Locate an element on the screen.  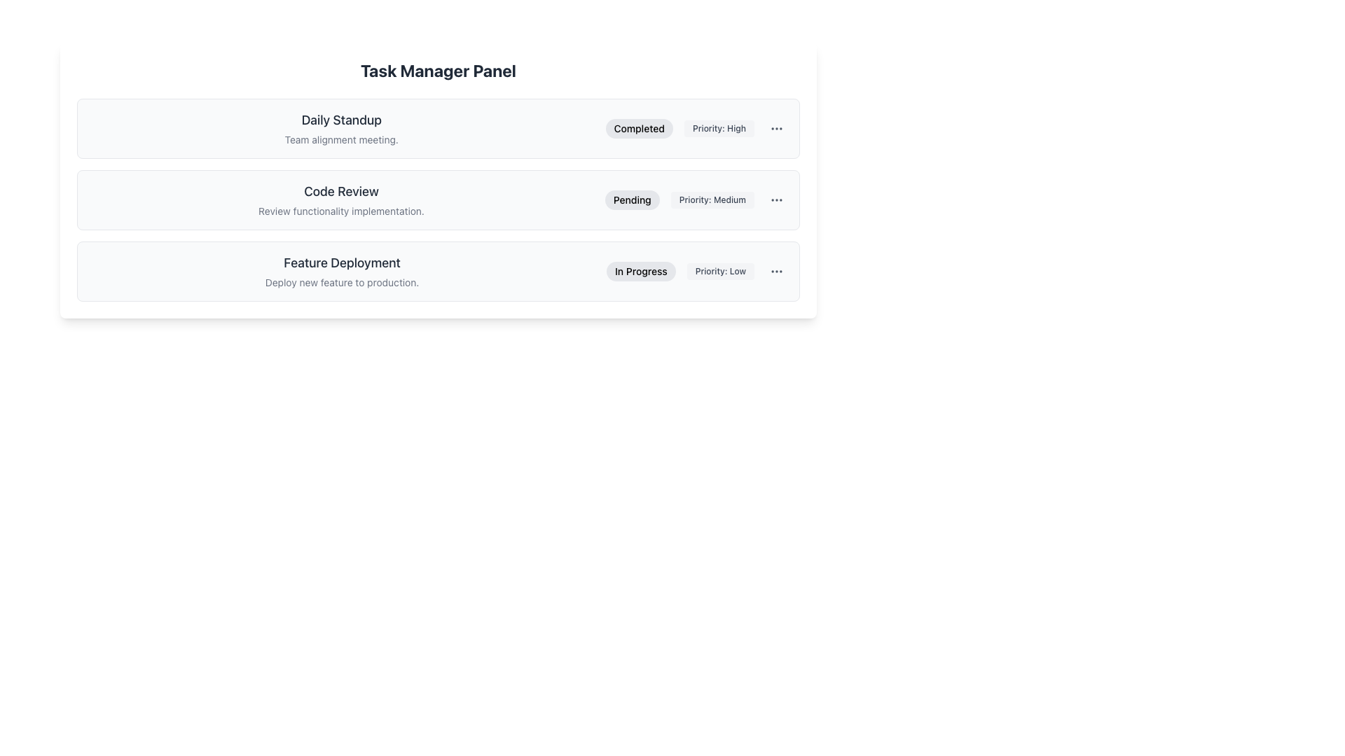
the 'Pending' Status label located in the 'Code Review' task details, positioned to the left of the 'Priority: Medium' label and above the three dots button is located at coordinates (631, 199).